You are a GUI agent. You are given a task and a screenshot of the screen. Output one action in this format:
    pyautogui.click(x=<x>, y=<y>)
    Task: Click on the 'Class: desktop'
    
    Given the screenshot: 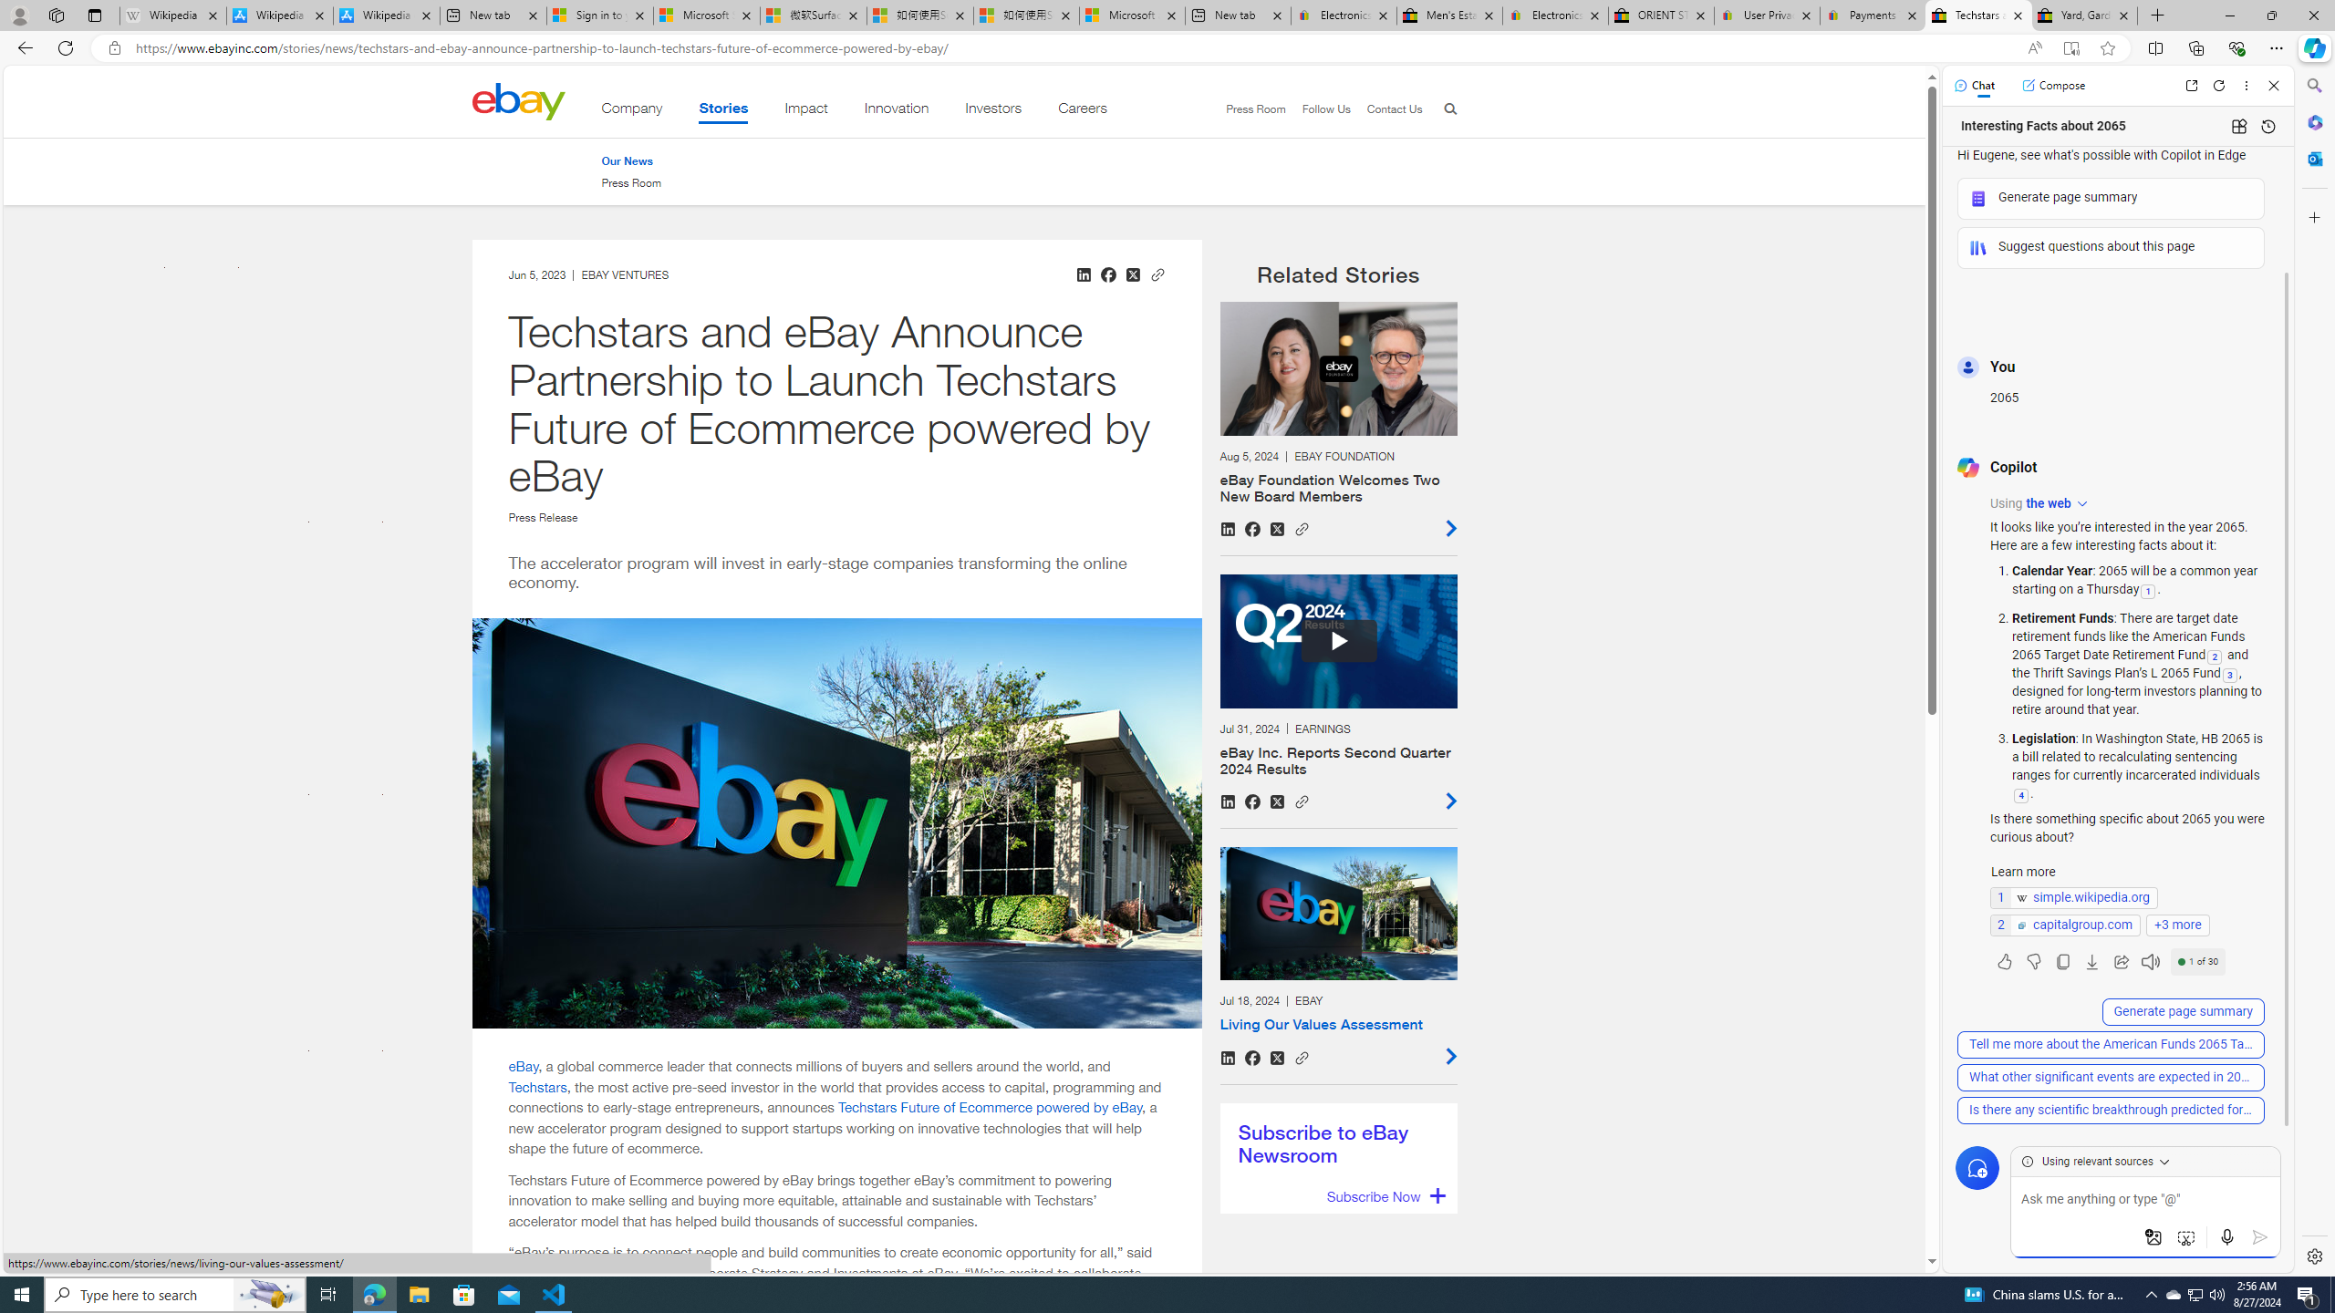 What is the action you would take?
    pyautogui.click(x=517, y=101)
    